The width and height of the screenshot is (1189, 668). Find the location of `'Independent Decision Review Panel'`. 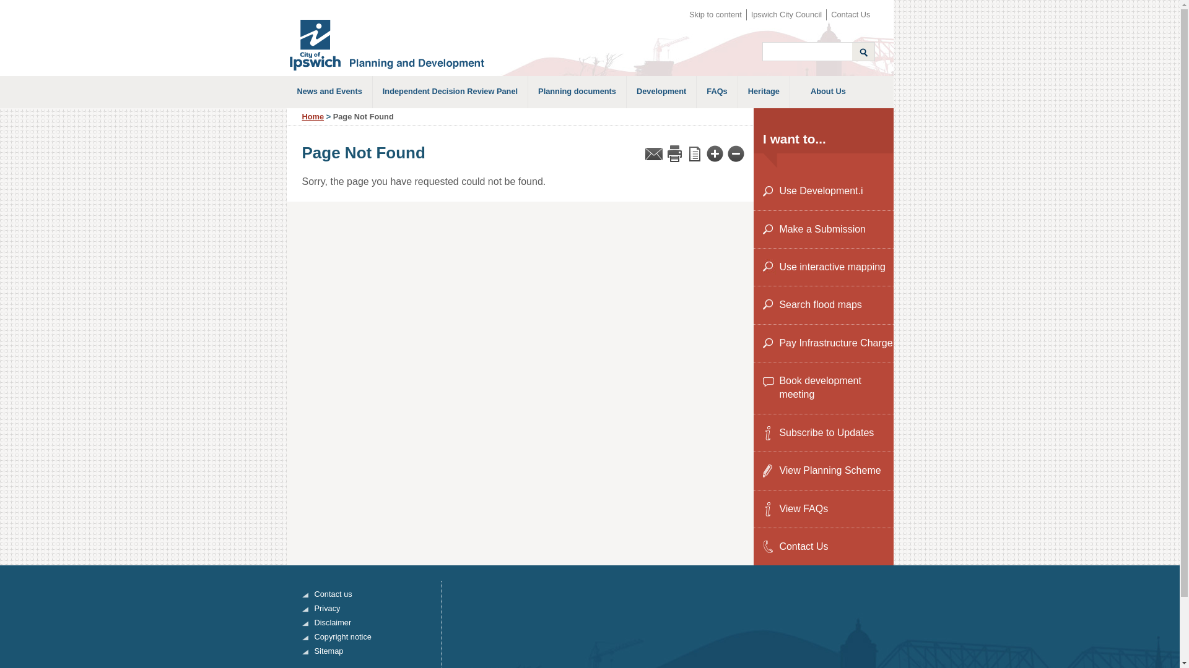

'Independent Decision Review Panel' is located at coordinates (449, 92).